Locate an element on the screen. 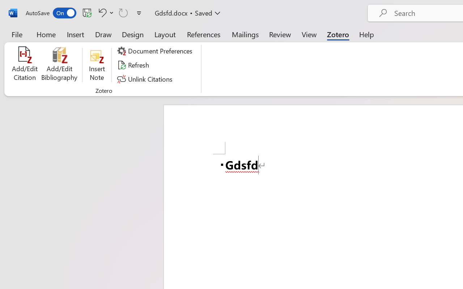  'Insert Note' is located at coordinates (97, 65).